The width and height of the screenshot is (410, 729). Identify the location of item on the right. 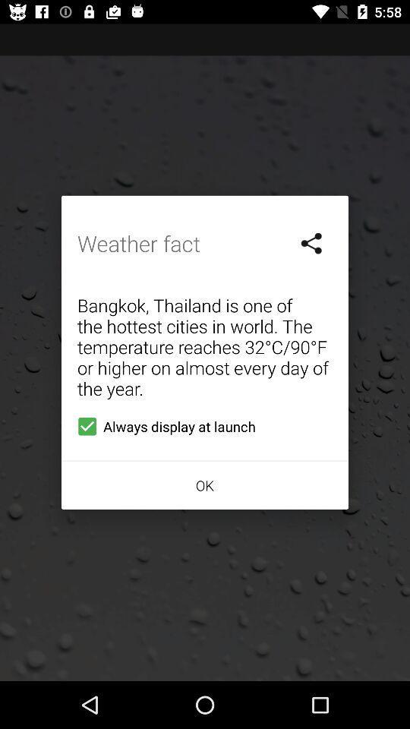
(311, 243).